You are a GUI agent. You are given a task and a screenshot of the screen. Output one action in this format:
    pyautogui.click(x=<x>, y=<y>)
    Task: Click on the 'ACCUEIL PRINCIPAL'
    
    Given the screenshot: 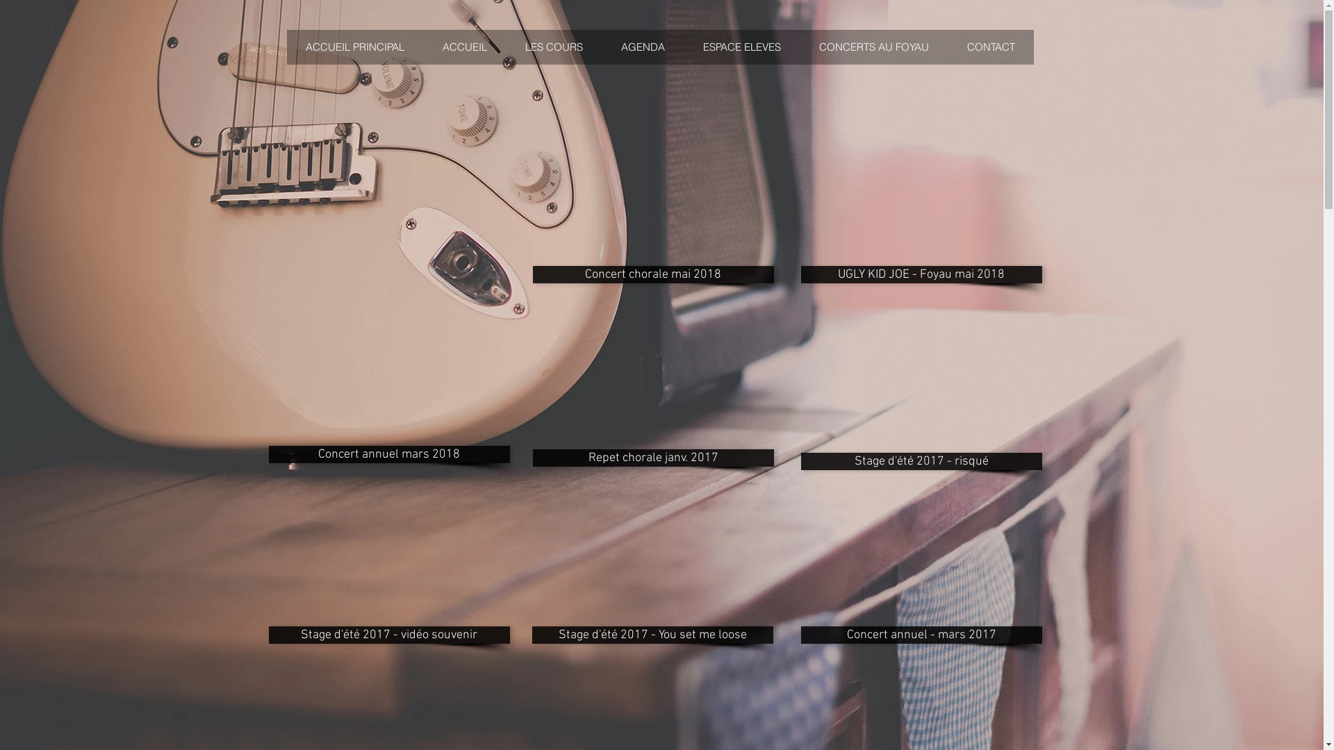 What is the action you would take?
    pyautogui.click(x=286, y=47)
    